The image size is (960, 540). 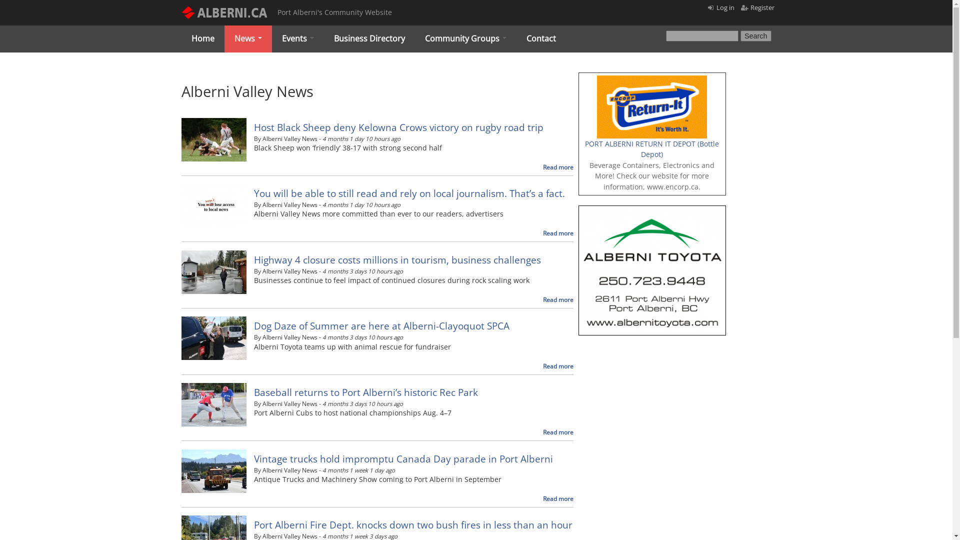 I want to click on 'Register', so click(x=750, y=7).